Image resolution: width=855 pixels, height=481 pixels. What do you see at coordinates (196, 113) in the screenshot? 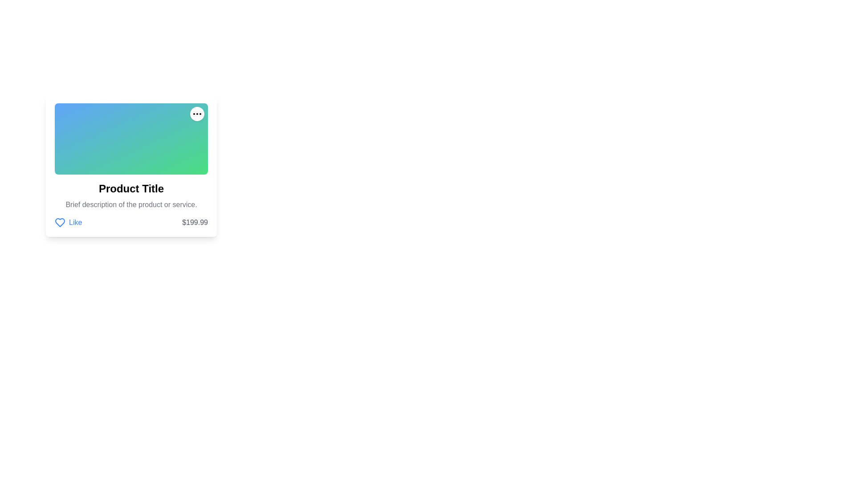
I see `the three black dots icon located at the top-right corner of the card's gradient header, which features a white circular background with subtle shading` at bounding box center [196, 113].